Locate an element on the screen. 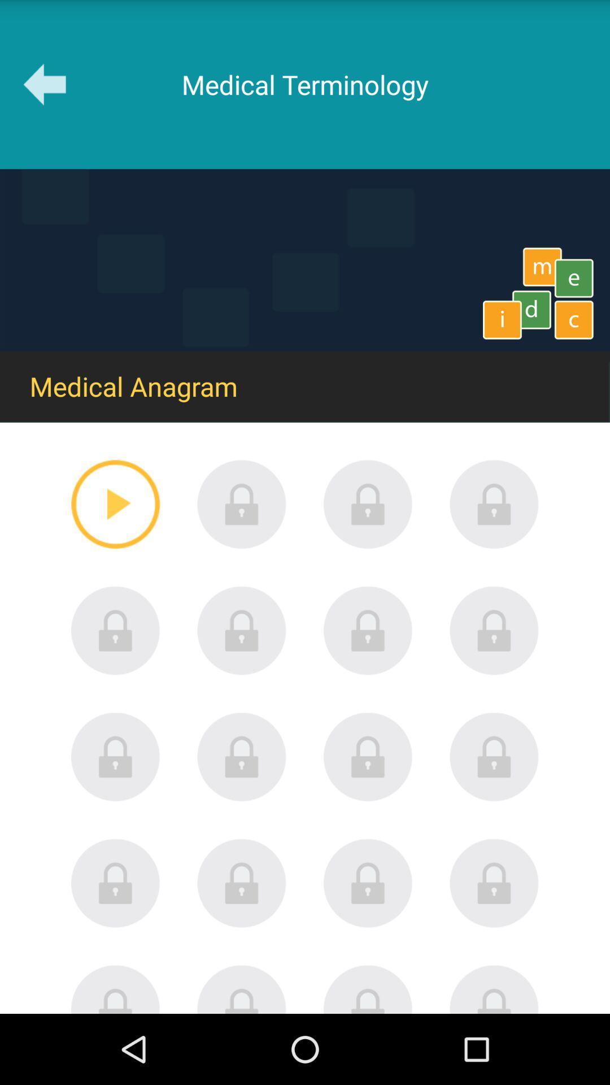 This screenshot has height=1085, width=610. lock the option is located at coordinates (115, 988).